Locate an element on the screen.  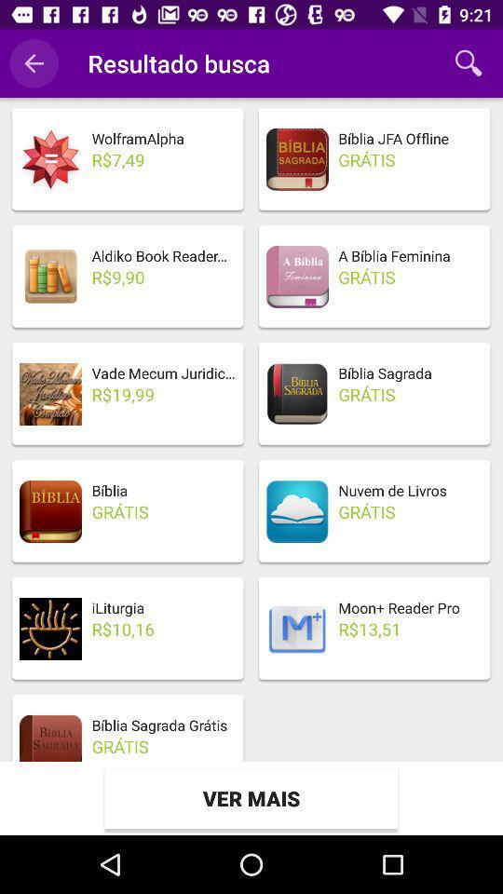
the second icon in the second row is located at coordinates (297, 276).